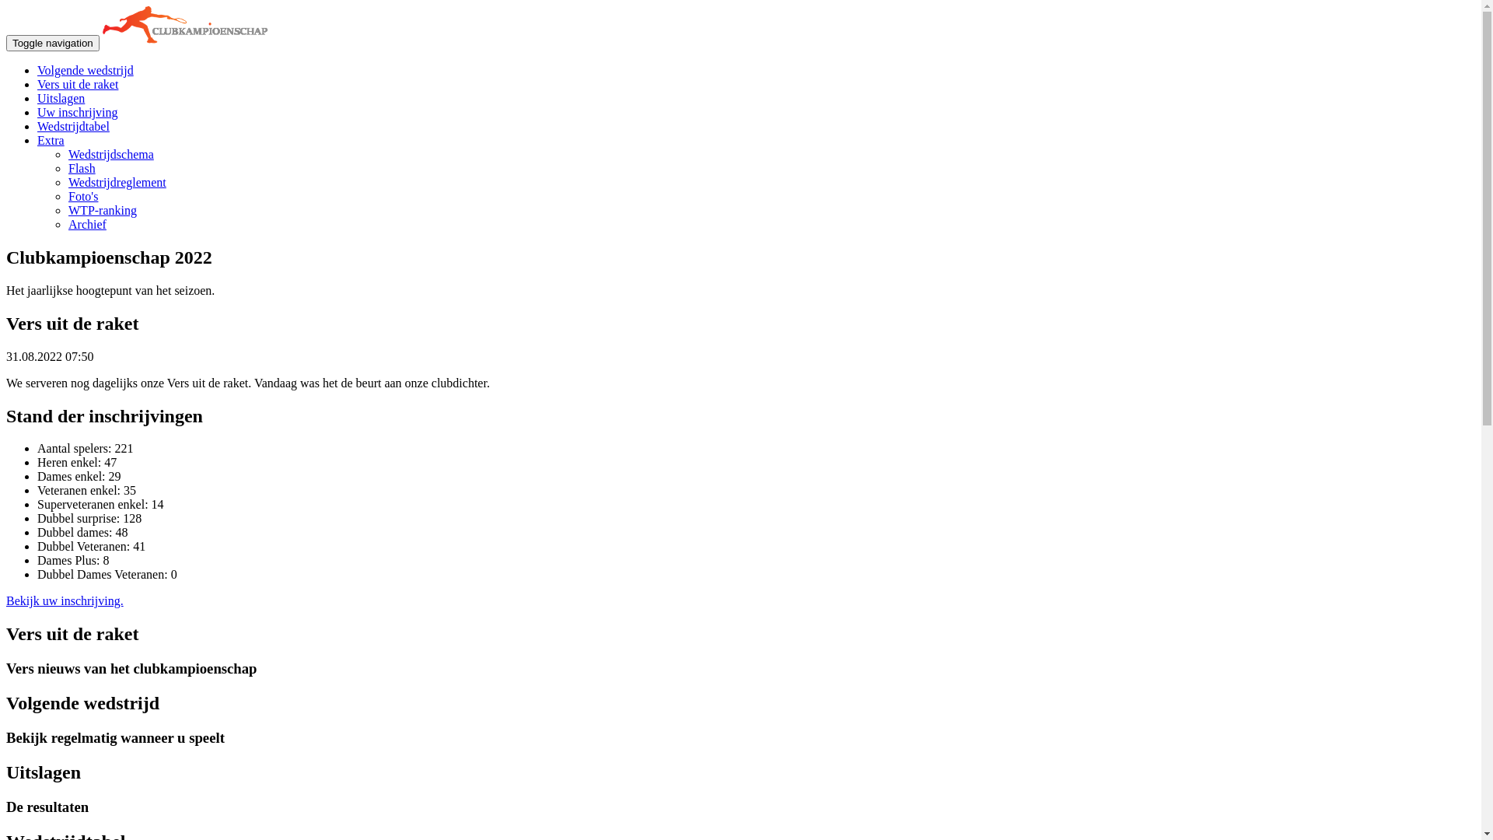  I want to click on 'Bekijk uw inschrijving.', so click(6, 600).